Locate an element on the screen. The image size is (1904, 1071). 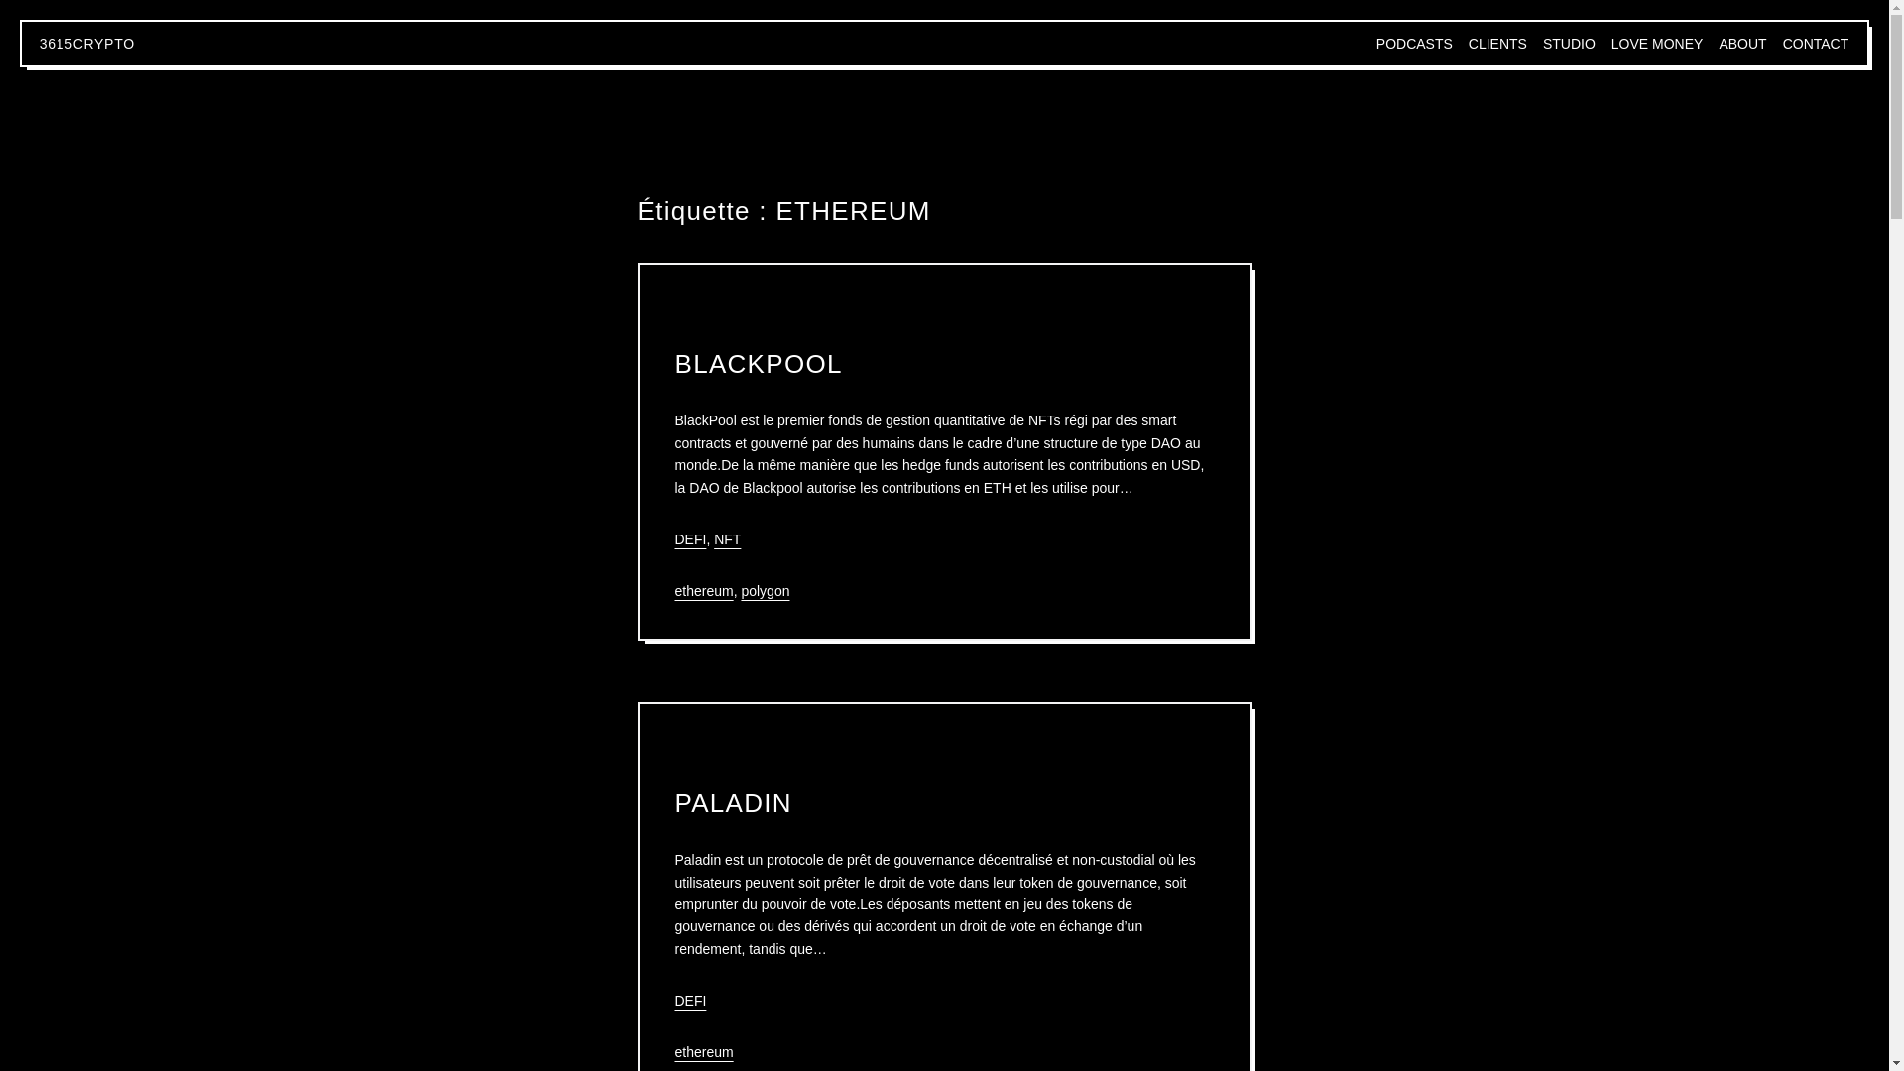
'CONTACT' is located at coordinates (1783, 43).